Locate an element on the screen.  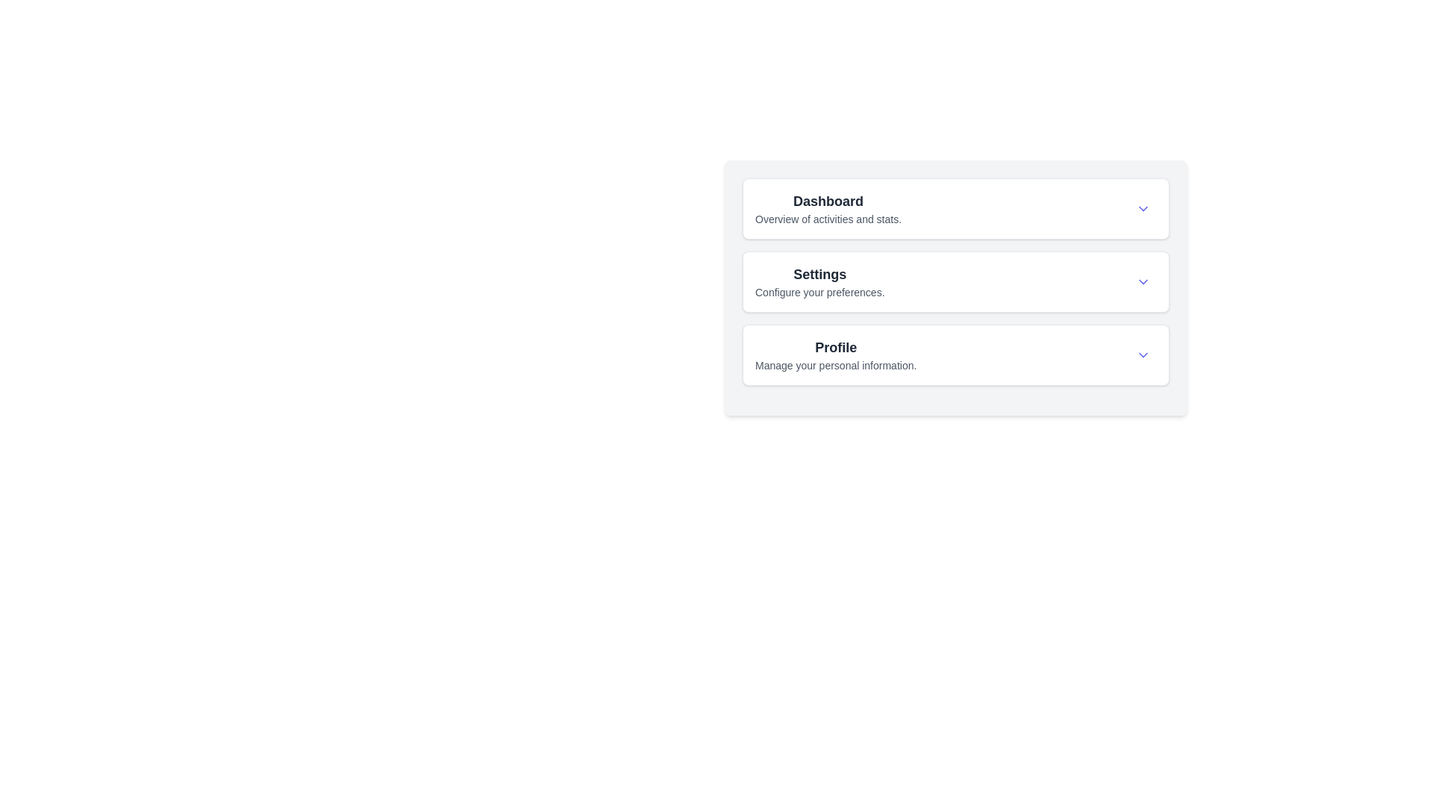
the second button in the vertical list of options, which is between 'Dashboard' and 'Profile' is located at coordinates (956, 282).